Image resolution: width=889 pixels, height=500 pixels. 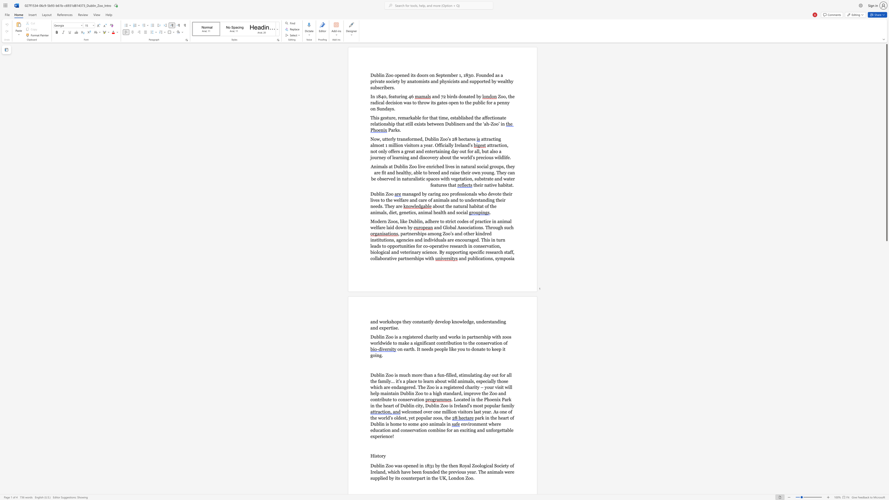 What do you see at coordinates (497, 405) in the screenshot?
I see `the 5th character "a" in the text` at bounding box center [497, 405].